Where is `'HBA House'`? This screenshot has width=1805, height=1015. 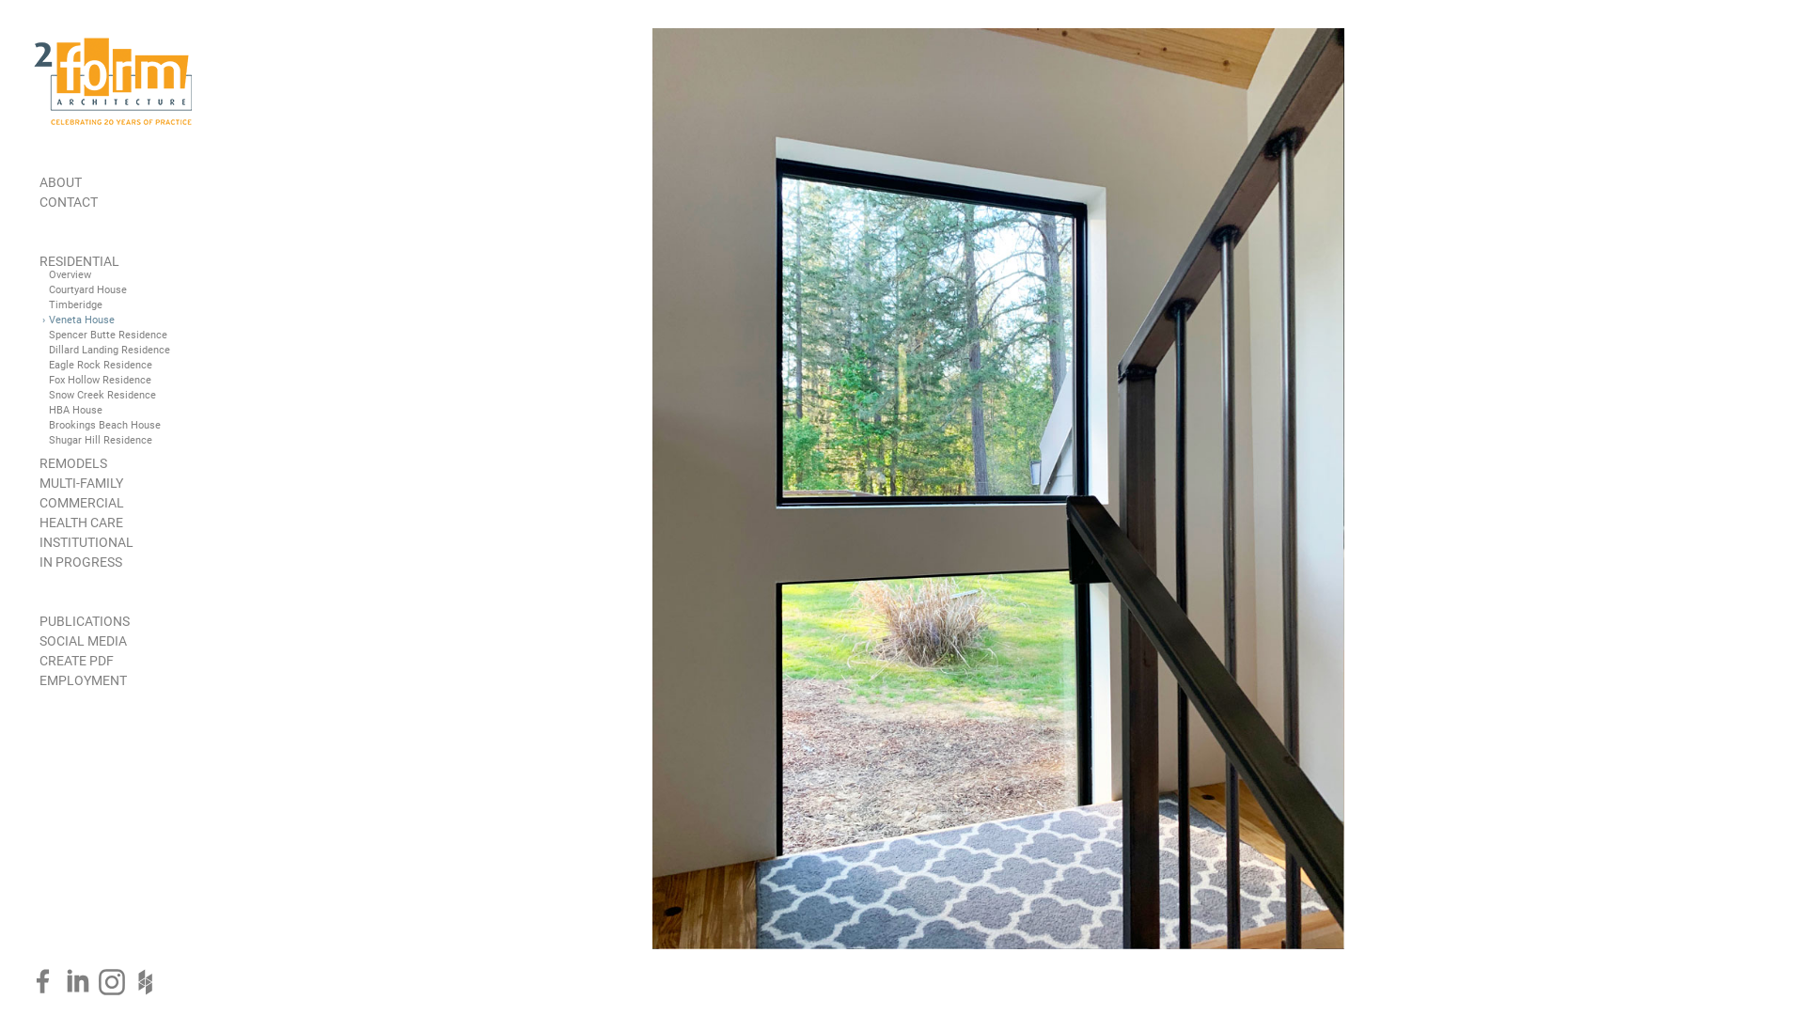
'HBA House' is located at coordinates (49, 409).